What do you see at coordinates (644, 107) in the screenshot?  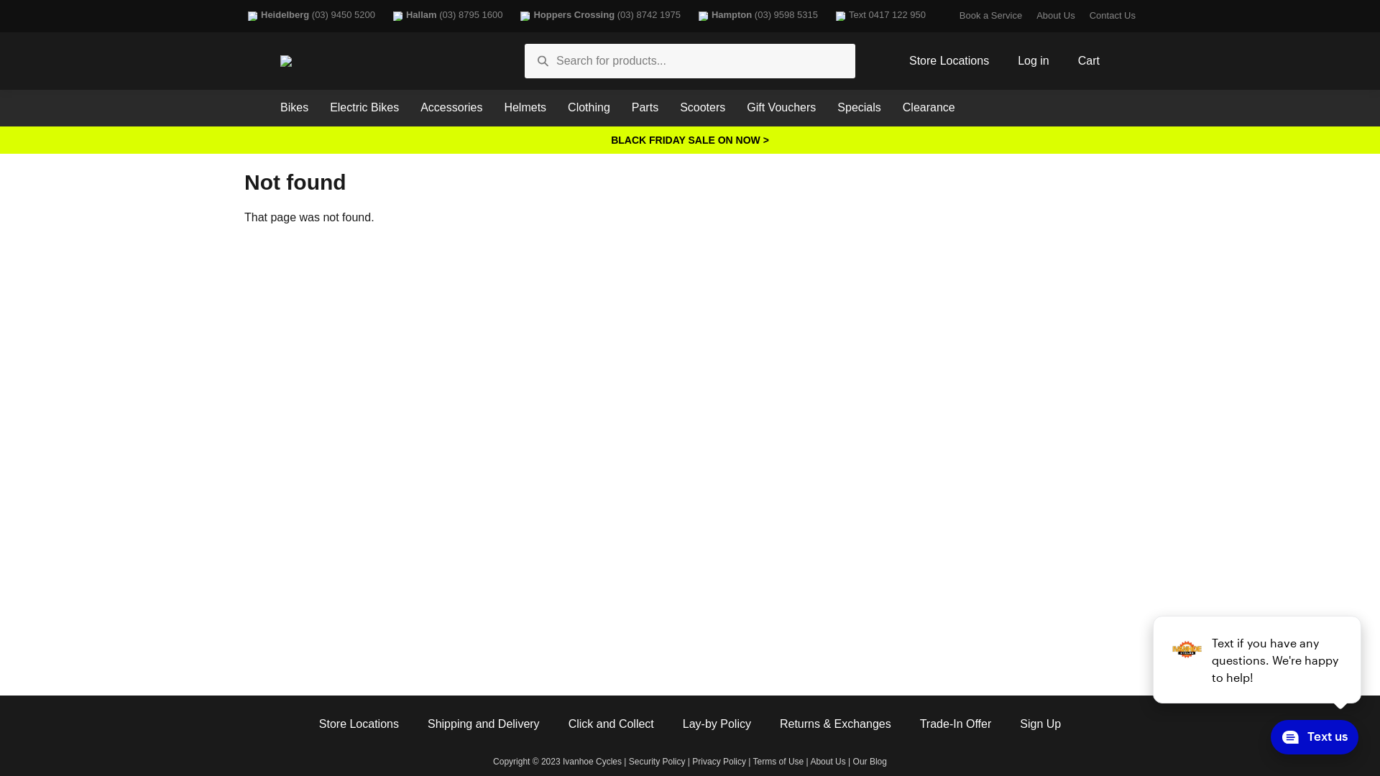 I see `'Parts'` at bounding box center [644, 107].